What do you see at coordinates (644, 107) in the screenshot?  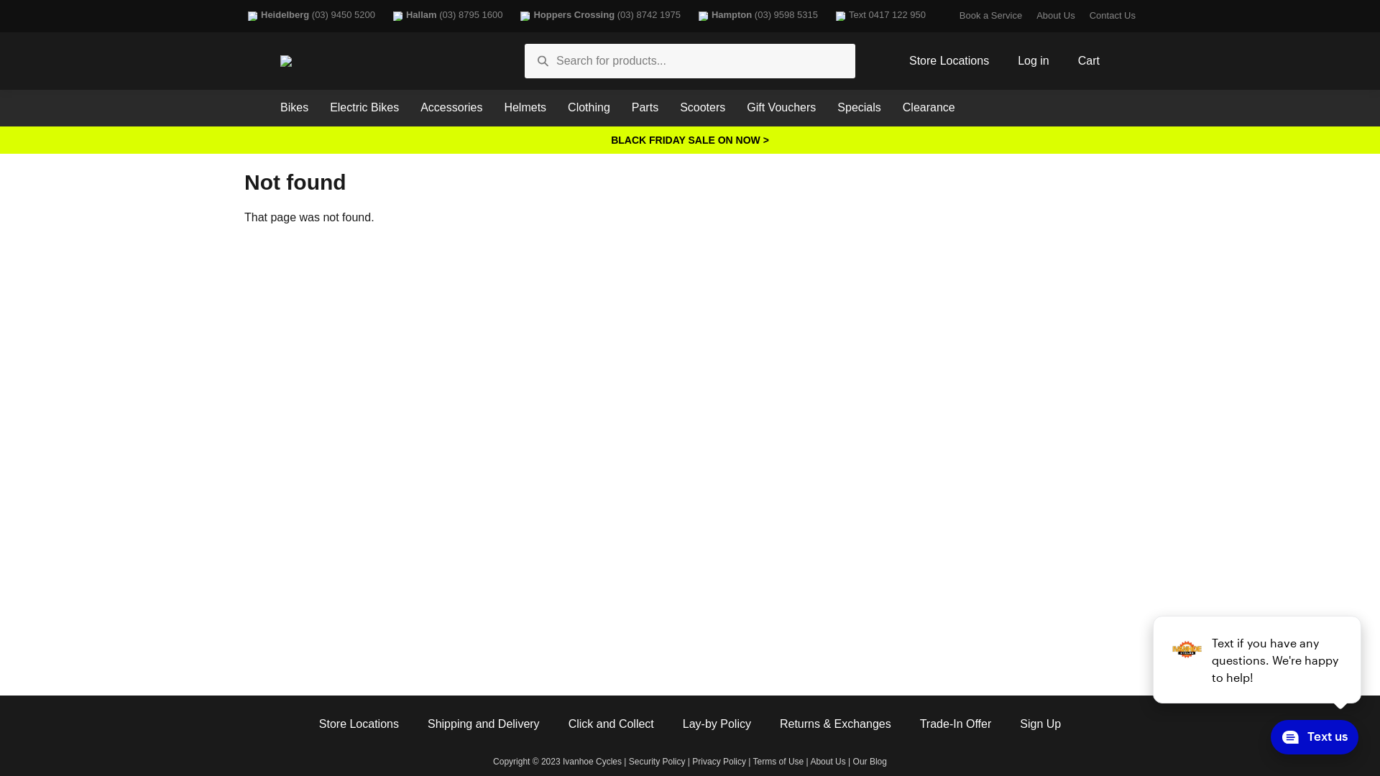 I see `'Parts'` at bounding box center [644, 107].